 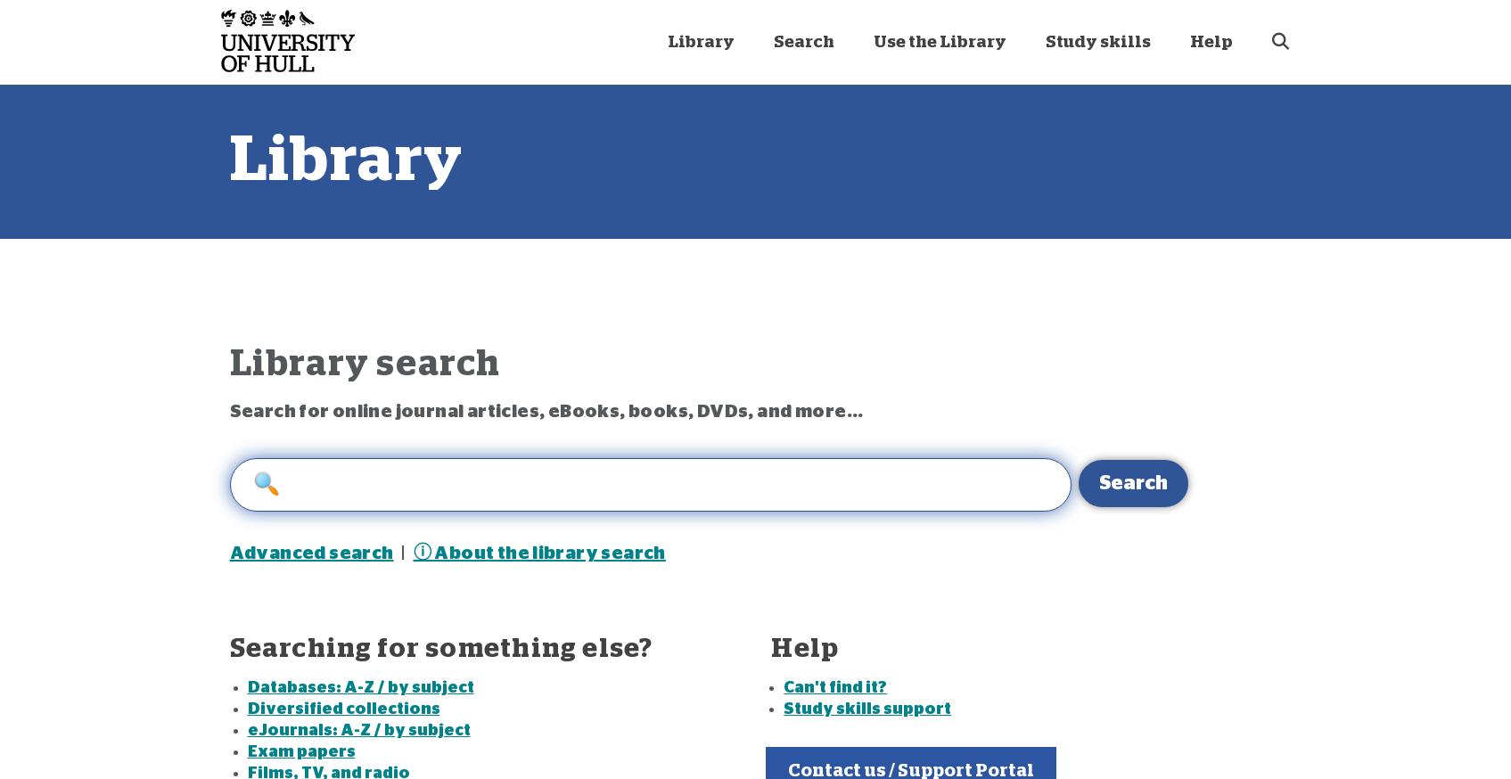 What do you see at coordinates (990, 193) in the screenshot?
I see `'Managing your reading at University [On campus]'` at bounding box center [990, 193].